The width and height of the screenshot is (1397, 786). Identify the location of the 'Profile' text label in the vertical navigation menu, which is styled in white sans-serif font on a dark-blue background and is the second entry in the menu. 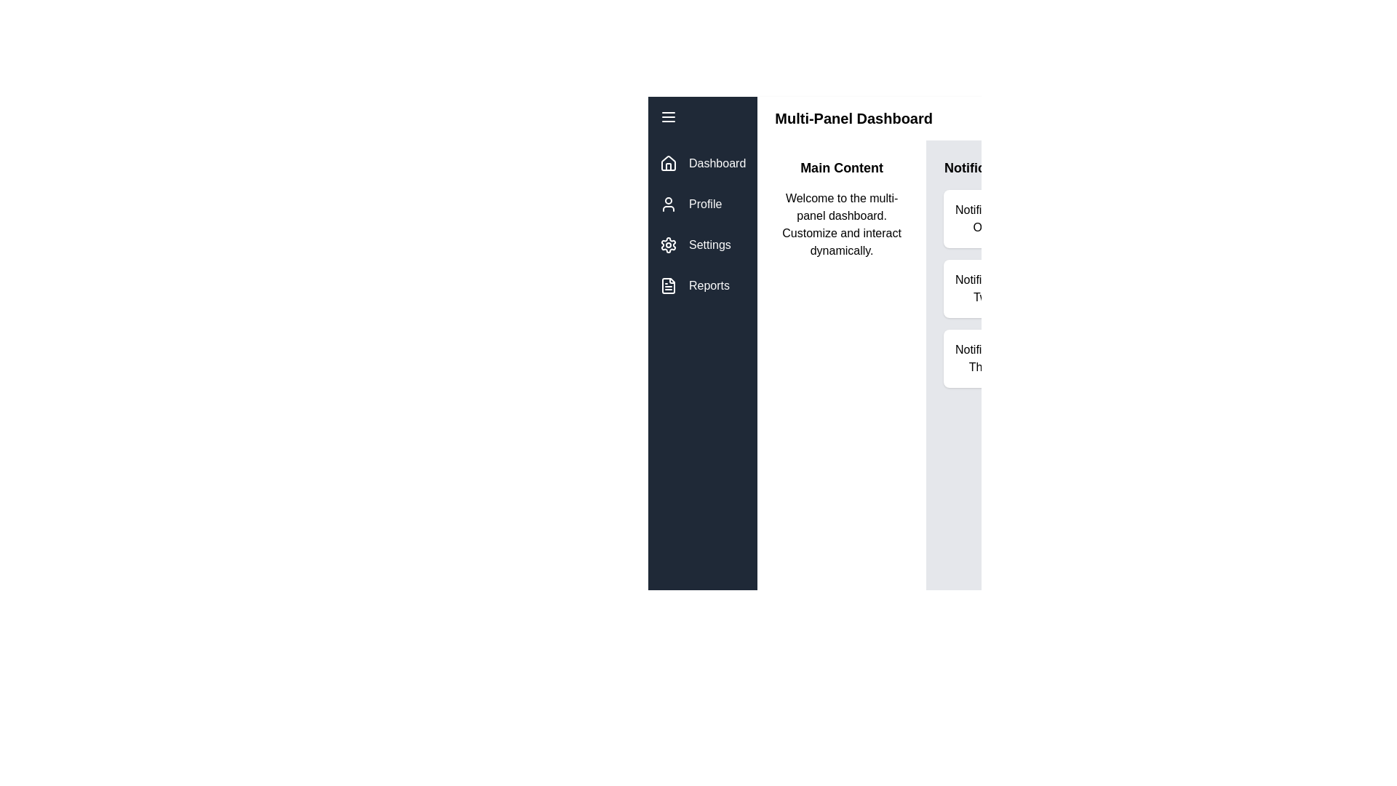
(705, 205).